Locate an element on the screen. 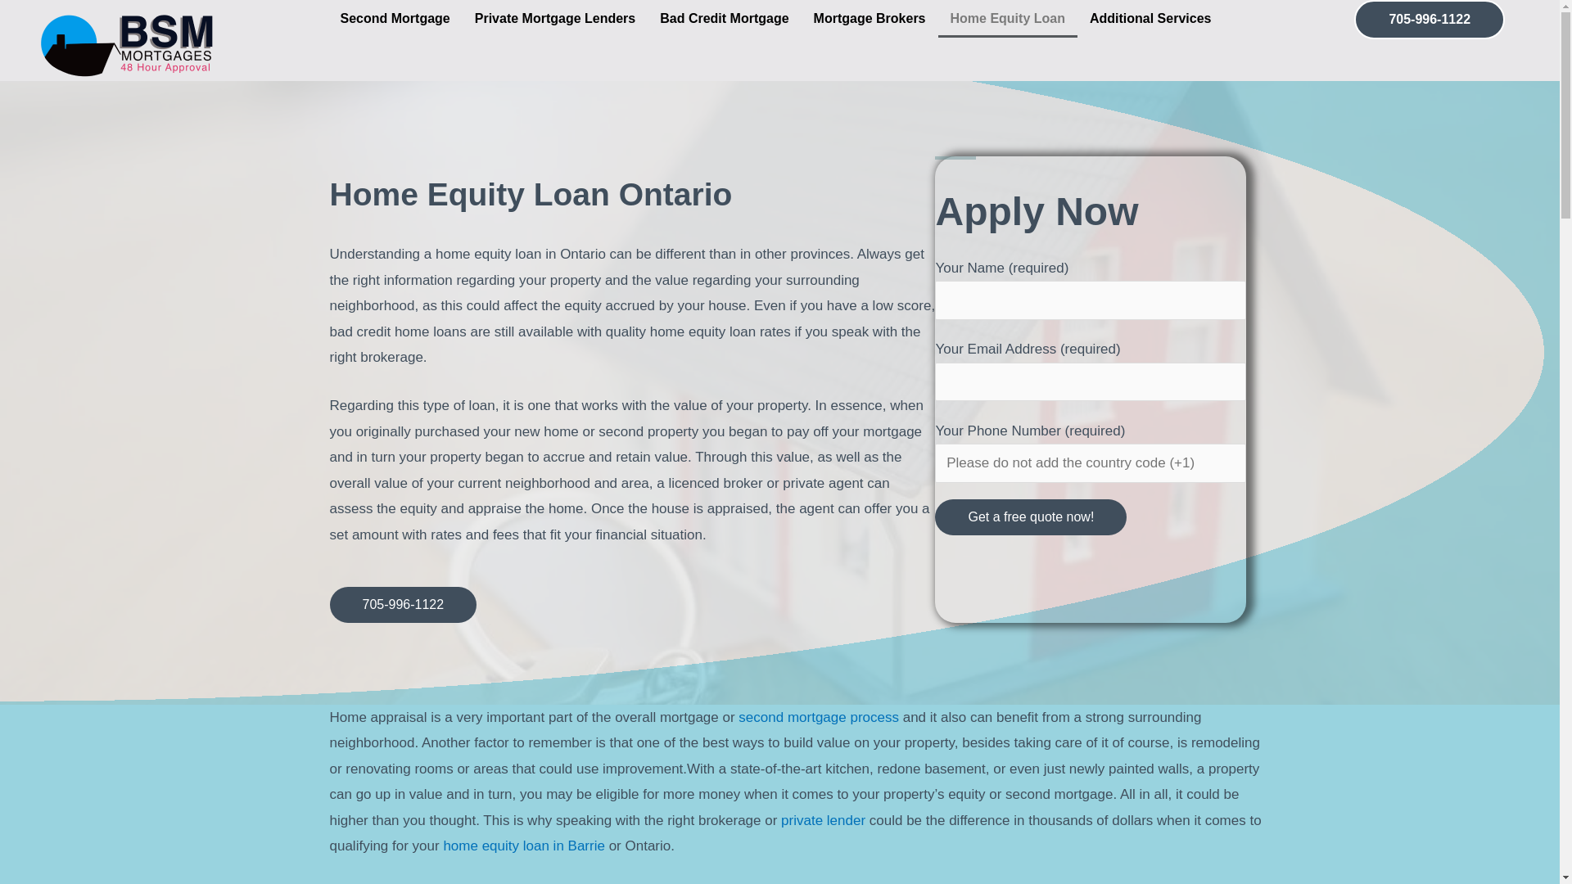 This screenshot has width=1572, height=884. 'Home Equity Loan' is located at coordinates (1006, 19).